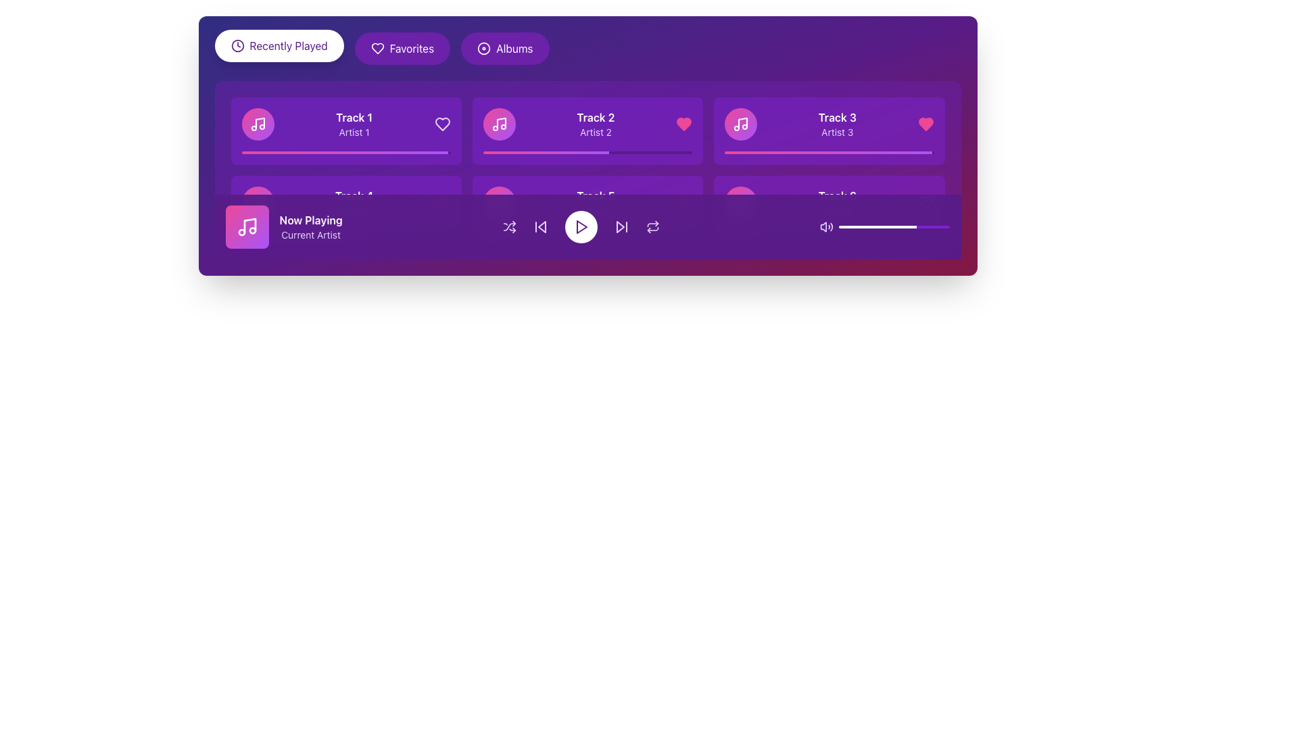  What do you see at coordinates (546, 152) in the screenshot?
I see `the progress bar fill for 'Track 2' by 'Artist 2' located in the second track card in the top row of the music interface` at bounding box center [546, 152].